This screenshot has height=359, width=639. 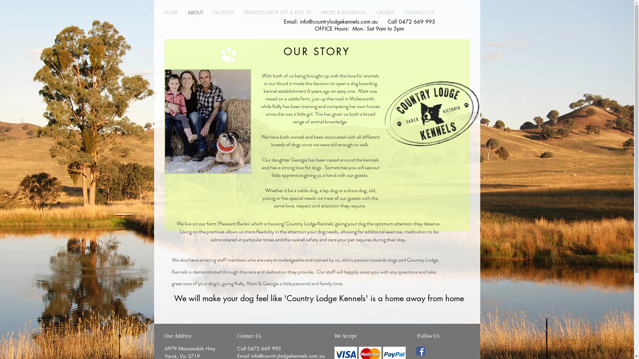 I want to click on 'CONTACT US', so click(x=419, y=13).